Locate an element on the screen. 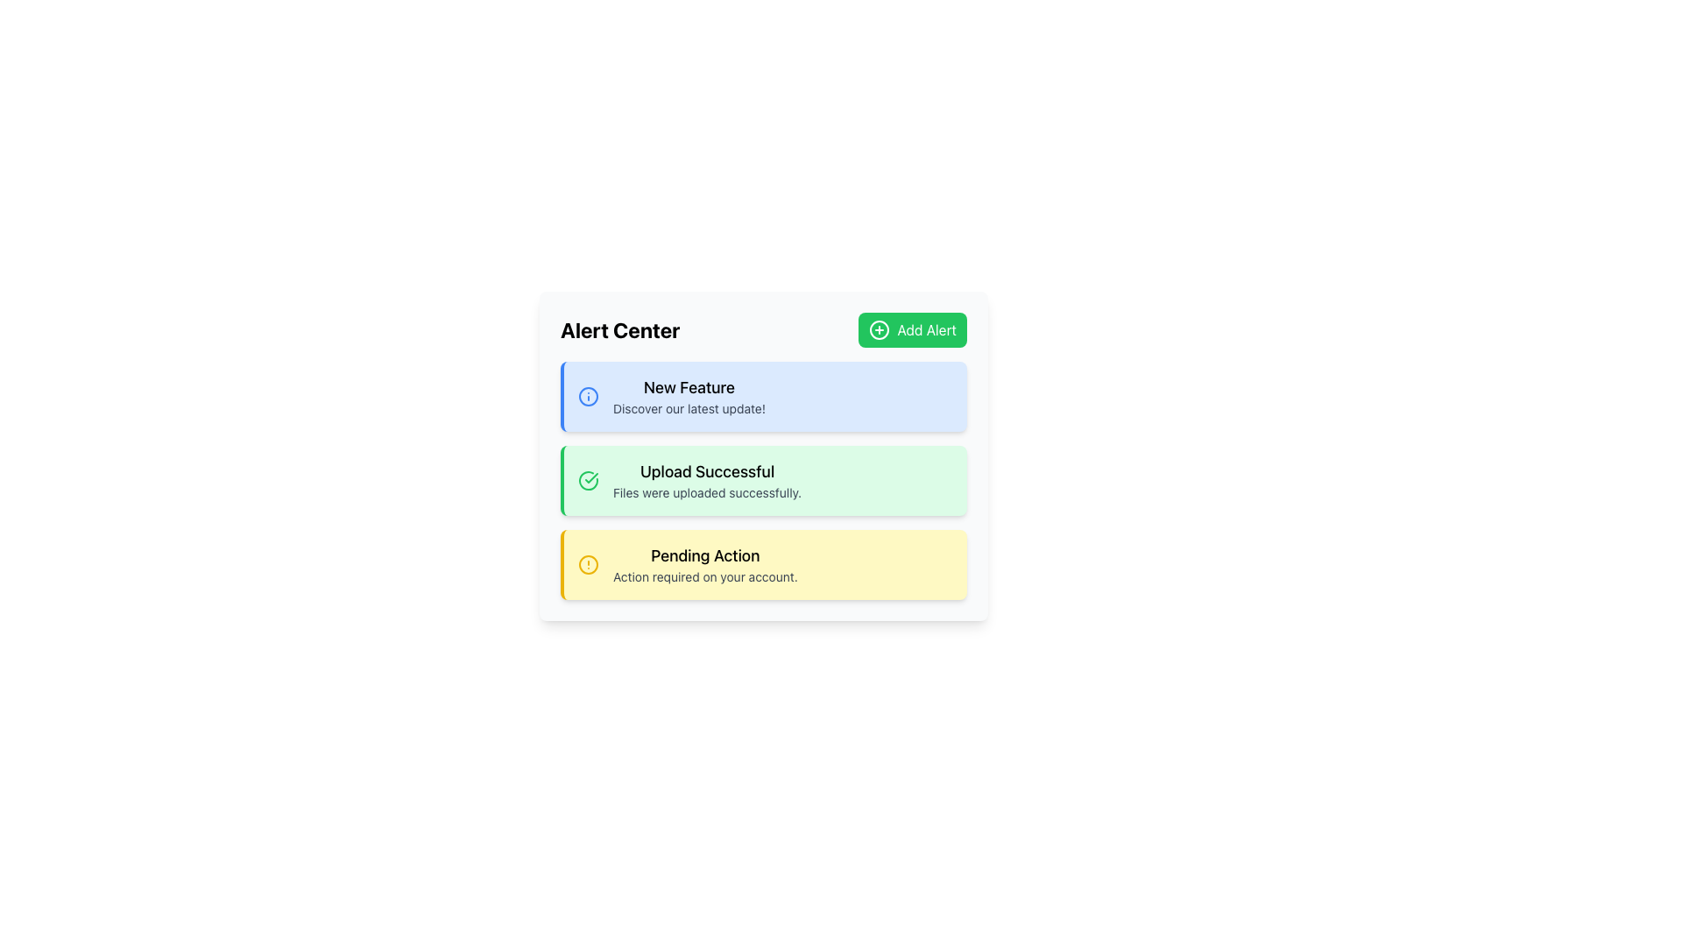  the 'Upload Successful' text label displayed in a prominent font within the light green card located under the 'Alert Center' heading is located at coordinates (707, 471).